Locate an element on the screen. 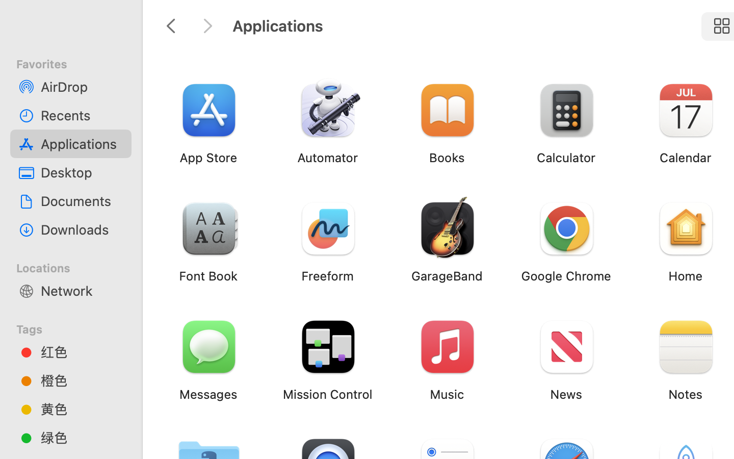 The width and height of the screenshot is (734, 459). '绿色' is located at coordinates (81, 437).